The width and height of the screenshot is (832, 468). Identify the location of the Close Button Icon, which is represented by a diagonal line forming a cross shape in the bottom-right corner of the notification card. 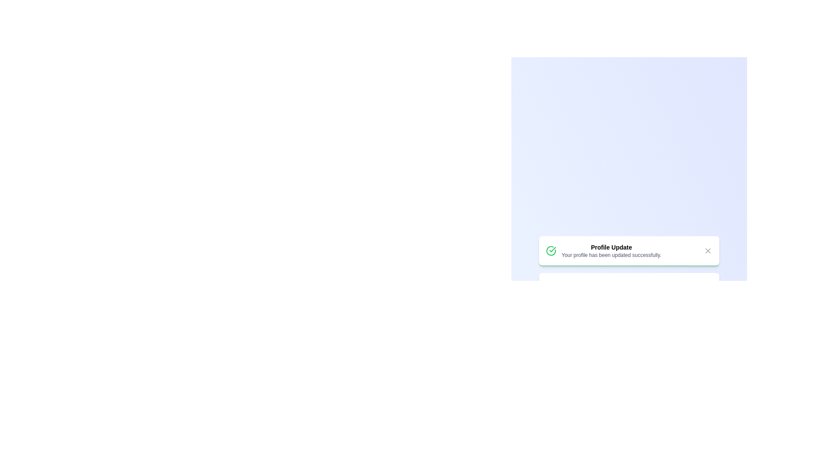
(708, 250).